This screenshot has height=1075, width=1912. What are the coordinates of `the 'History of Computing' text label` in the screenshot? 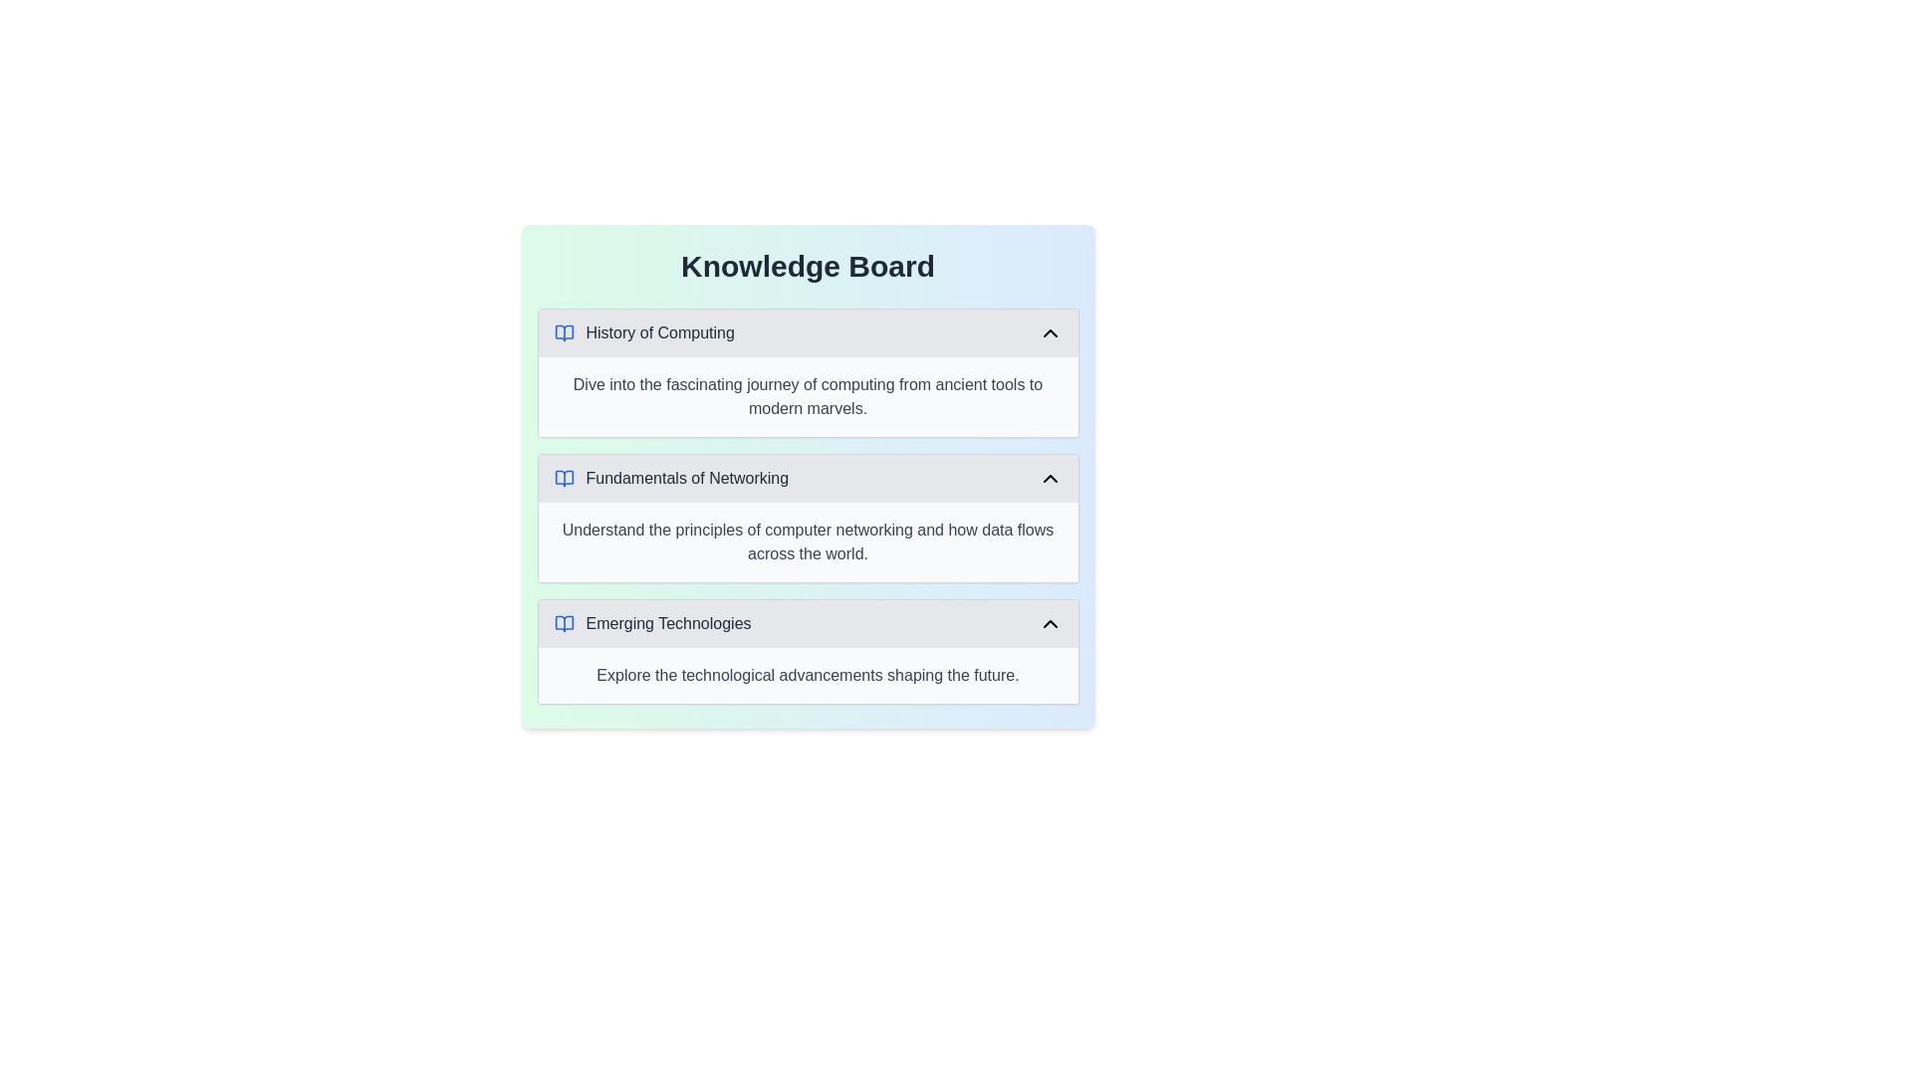 It's located at (660, 332).